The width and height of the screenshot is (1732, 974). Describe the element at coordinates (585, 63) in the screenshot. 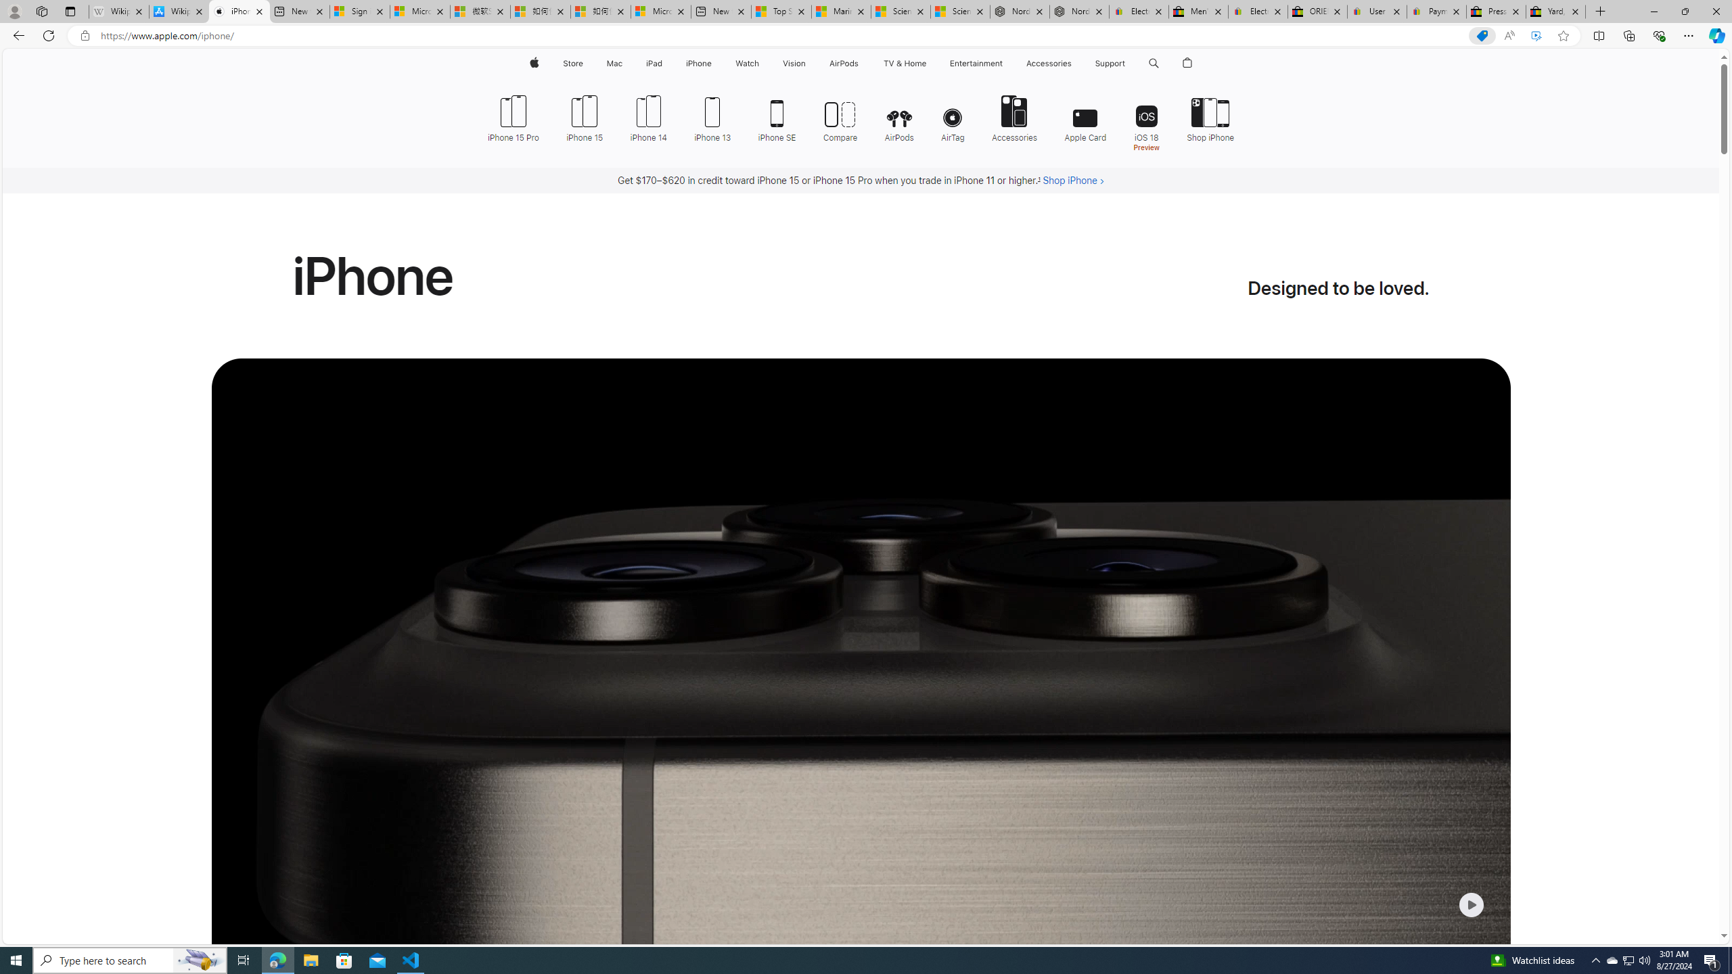

I see `'Store menu'` at that location.